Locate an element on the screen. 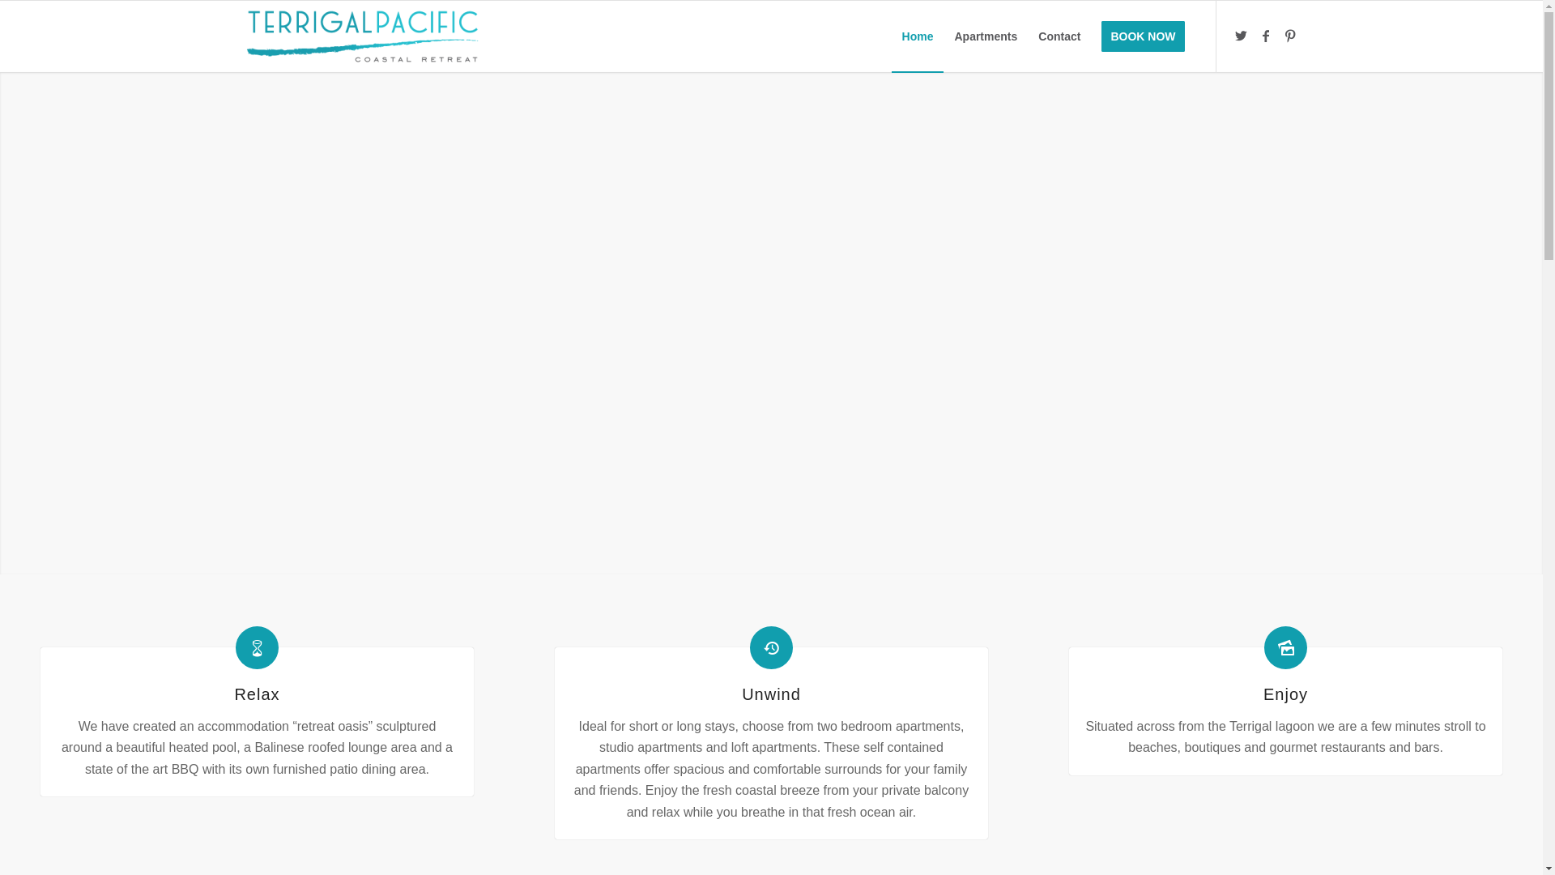 This screenshot has width=1555, height=875. 'BOOK NOW' is located at coordinates (1142, 36).